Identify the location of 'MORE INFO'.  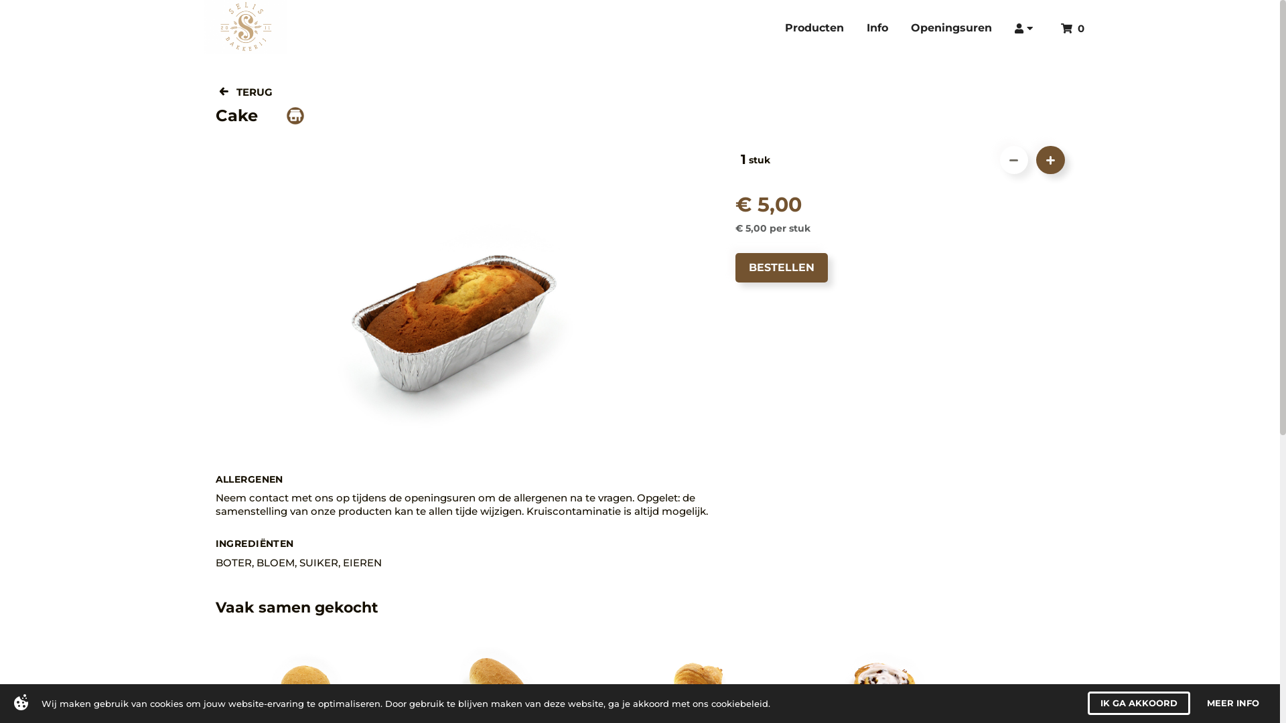
(1237, 702).